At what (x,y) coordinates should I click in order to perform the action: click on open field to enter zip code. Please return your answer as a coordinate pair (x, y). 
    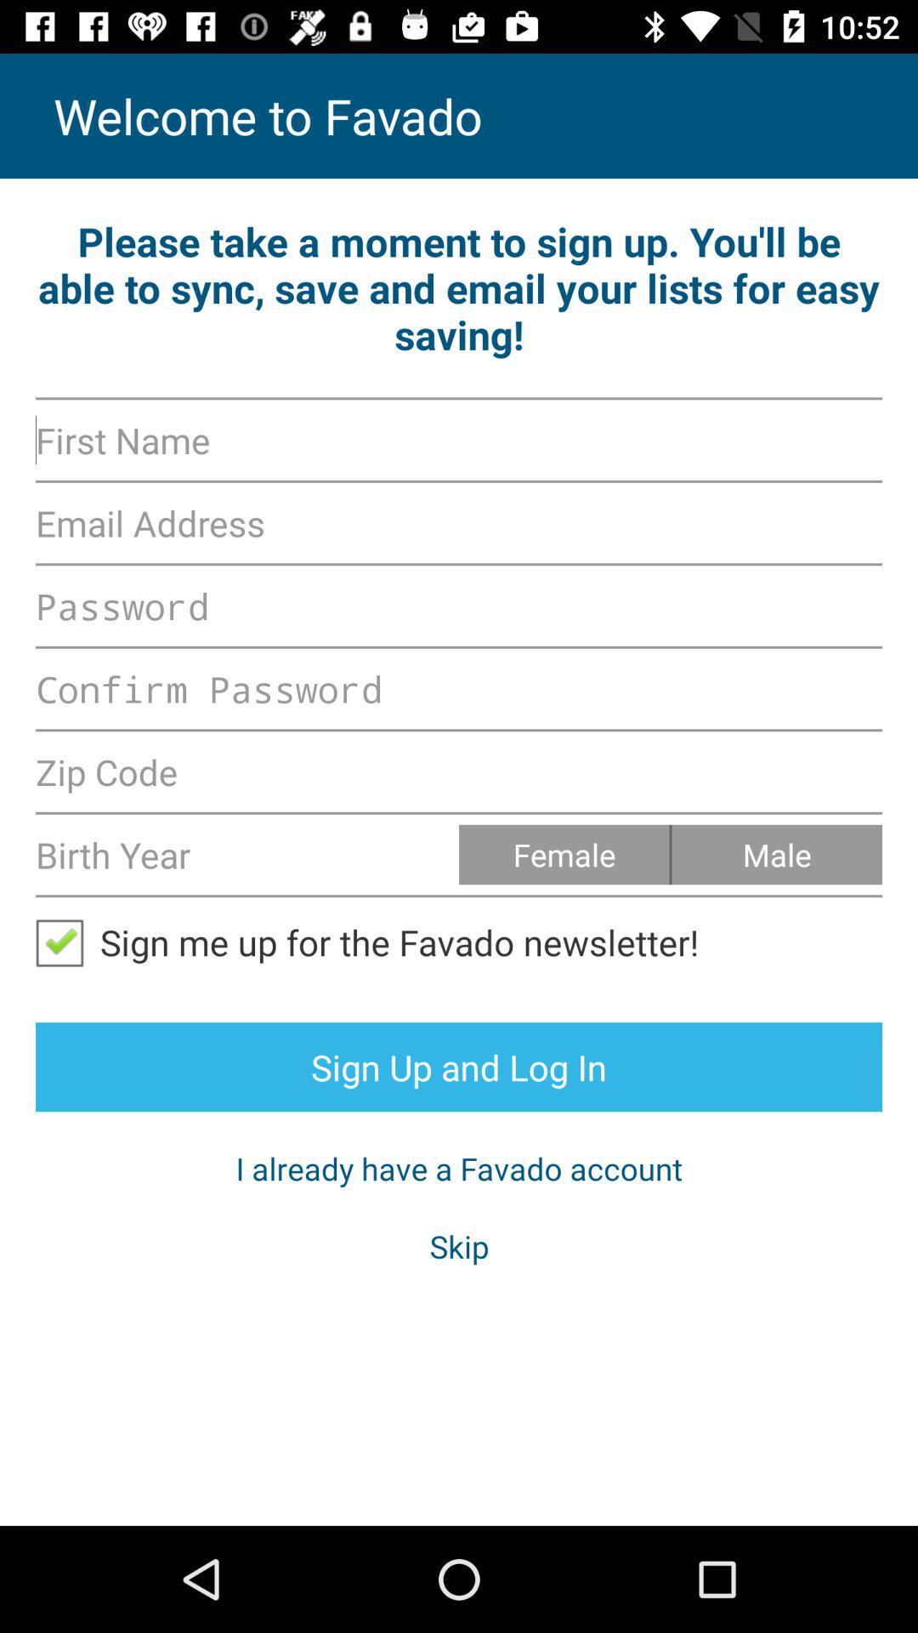
    Looking at the image, I should click on (459, 771).